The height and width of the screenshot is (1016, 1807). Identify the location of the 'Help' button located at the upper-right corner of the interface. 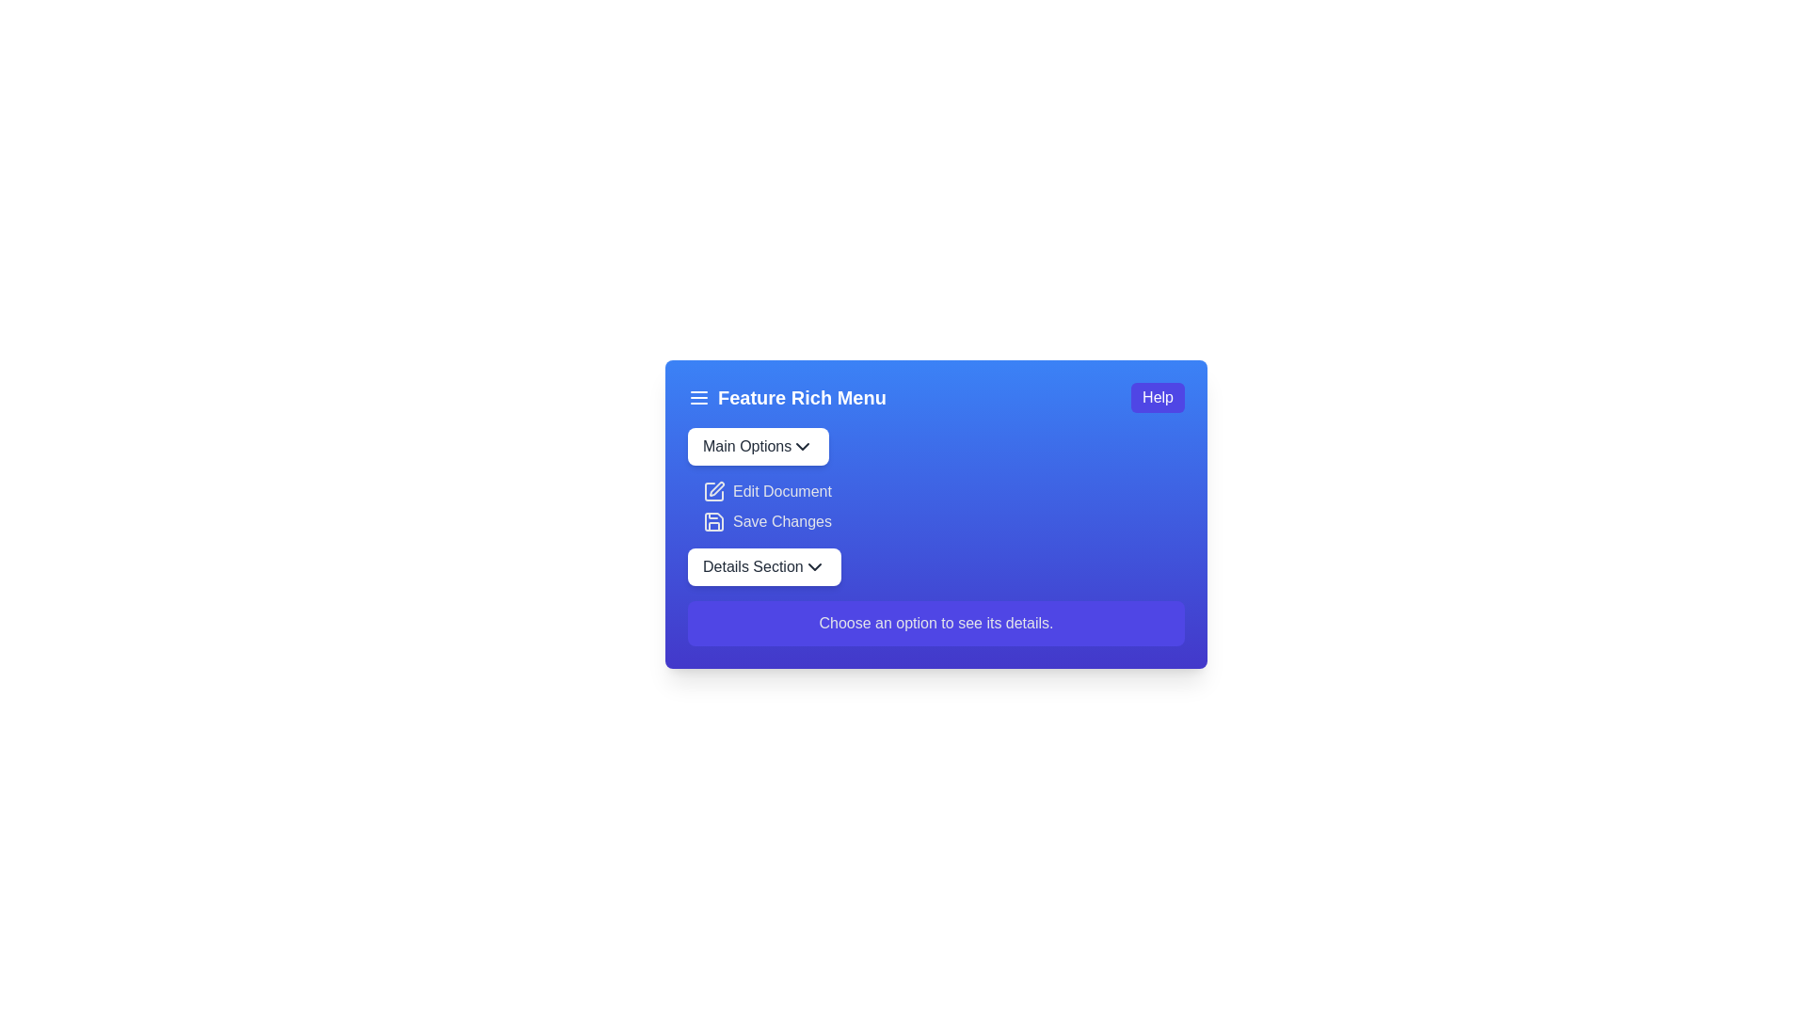
(1157, 397).